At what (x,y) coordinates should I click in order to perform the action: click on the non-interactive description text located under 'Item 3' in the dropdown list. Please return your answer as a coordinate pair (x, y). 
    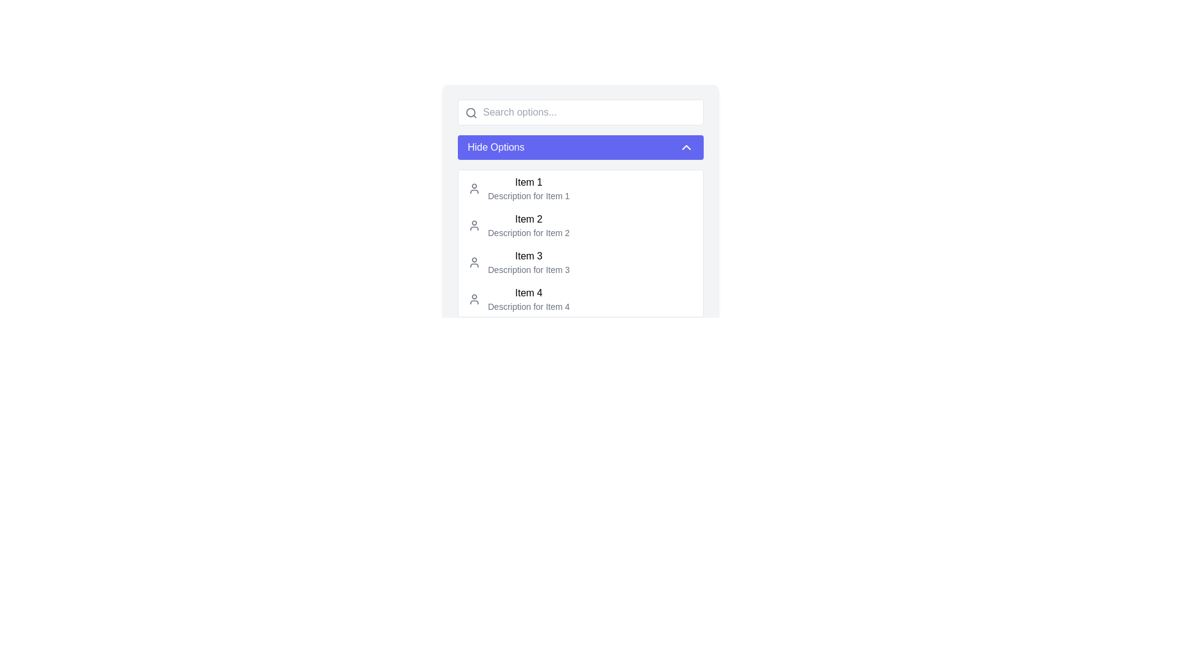
    Looking at the image, I should click on (529, 269).